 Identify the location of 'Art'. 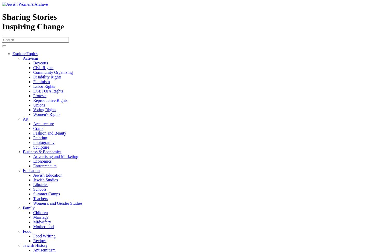
(25, 118).